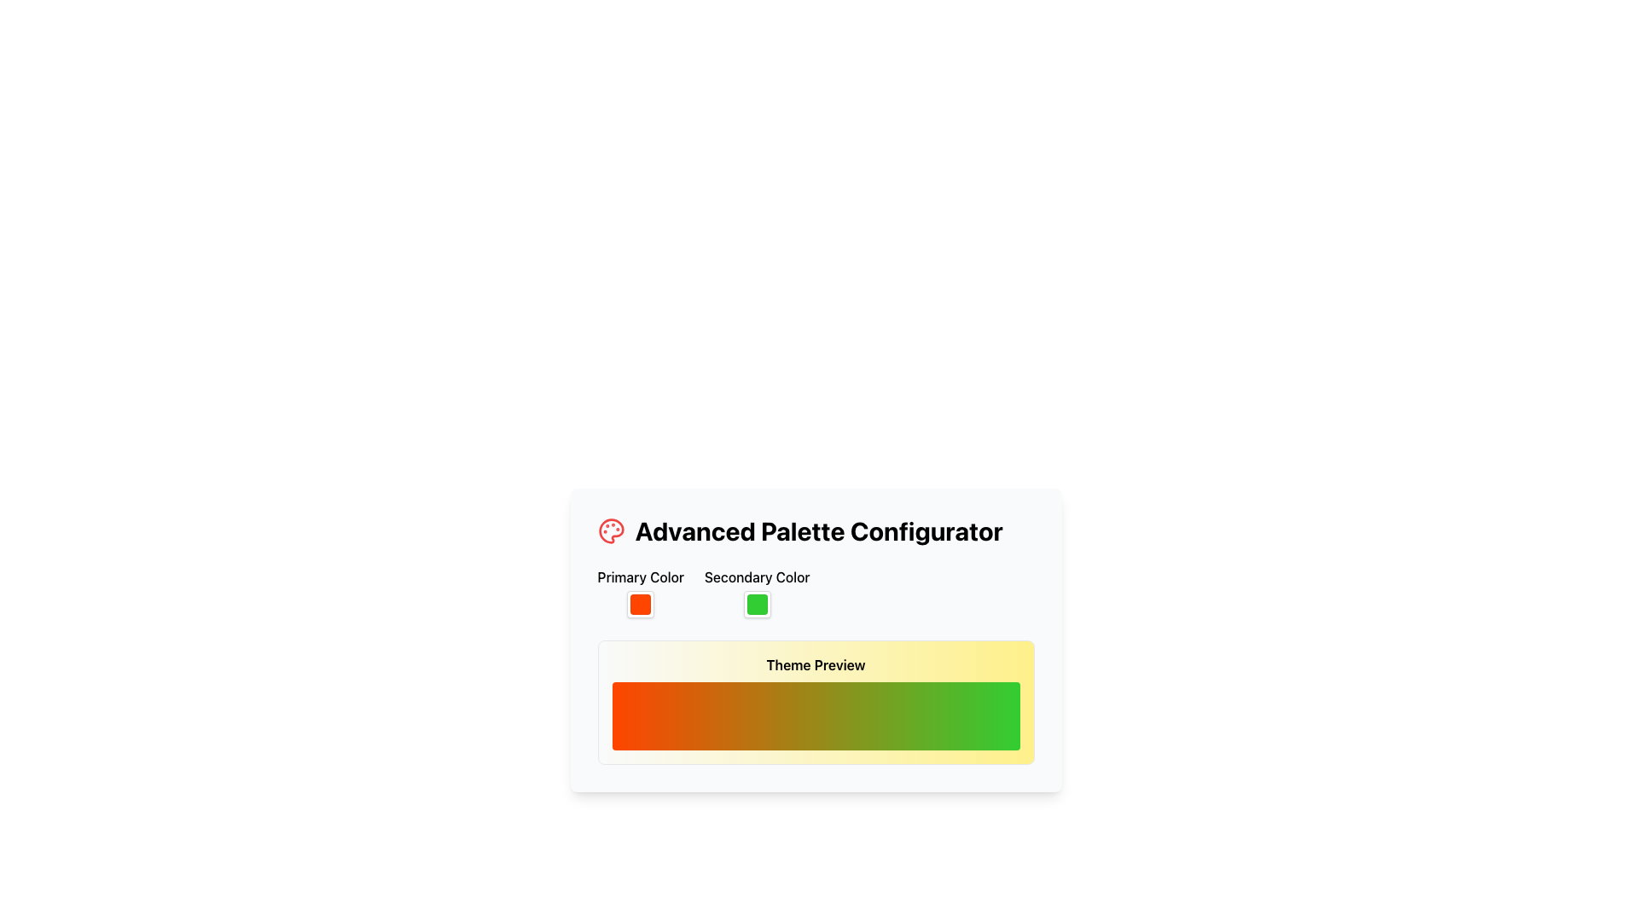 This screenshot has width=1638, height=921. I want to click on the text label indicating the selected primary color's role in the configuration, which is located slightly above the orange color swatch and to the left of the 'Secondary Color' label, so click(640, 576).